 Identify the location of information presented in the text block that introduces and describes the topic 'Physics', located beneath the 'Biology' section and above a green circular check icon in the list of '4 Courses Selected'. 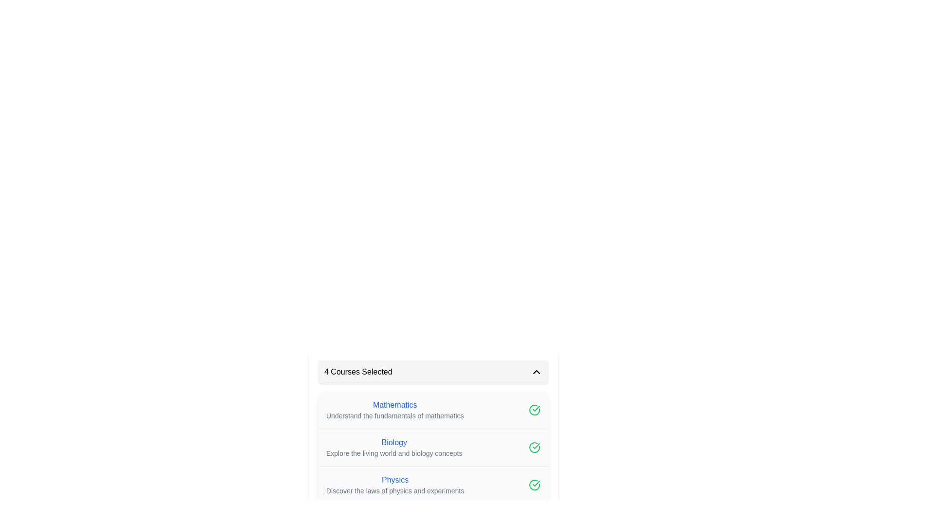
(395, 485).